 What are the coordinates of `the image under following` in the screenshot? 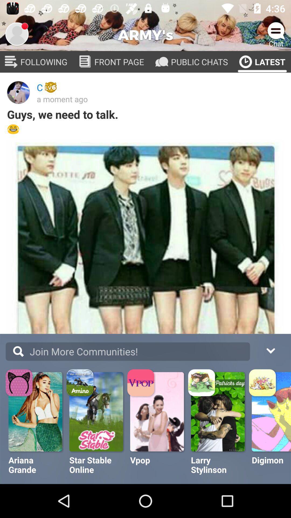 It's located at (18, 92).